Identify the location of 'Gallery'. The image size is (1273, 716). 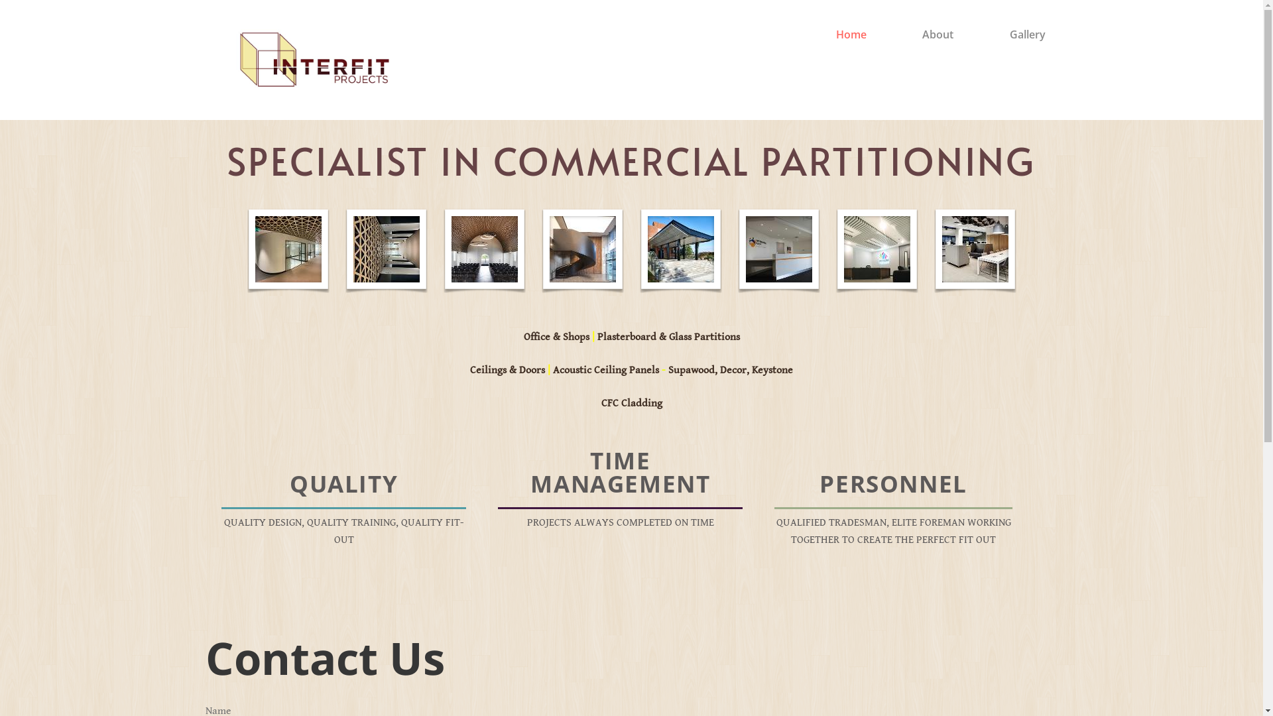
(1008, 33).